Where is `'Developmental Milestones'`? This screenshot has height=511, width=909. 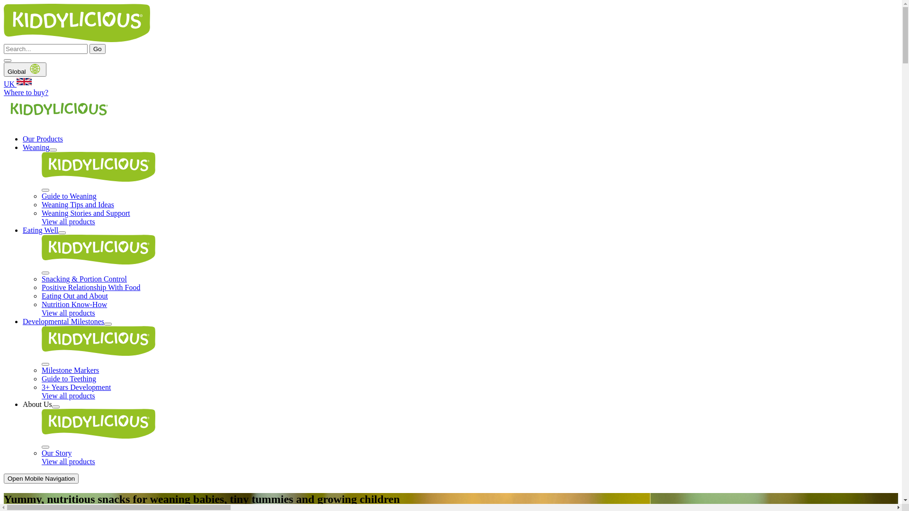
'Developmental Milestones' is located at coordinates (63, 321).